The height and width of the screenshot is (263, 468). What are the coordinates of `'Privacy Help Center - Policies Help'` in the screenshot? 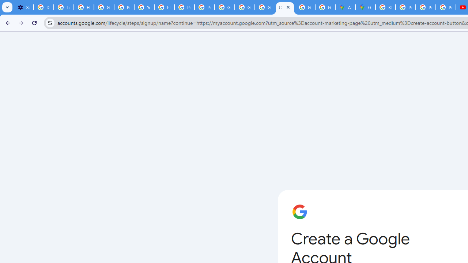 It's located at (405, 7).